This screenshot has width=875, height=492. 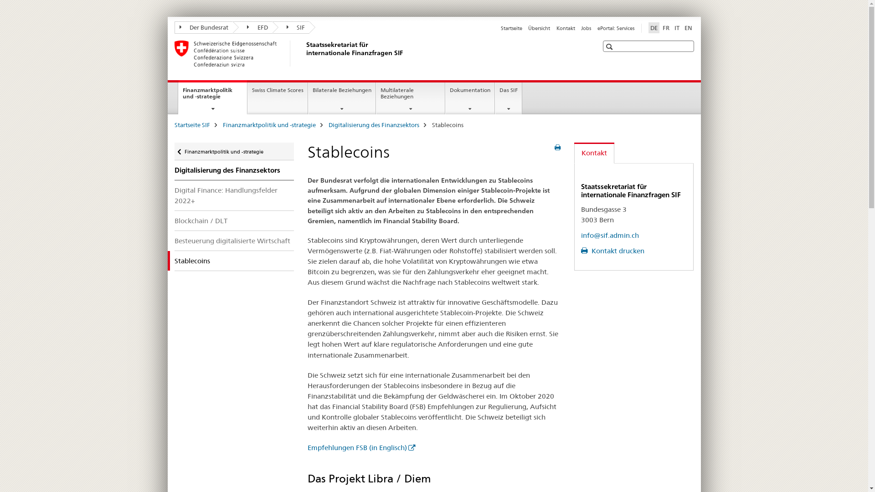 What do you see at coordinates (376, 98) in the screenshot?
I see `'Multilaterale Beziehungen'` at bounding box center [376, 98].